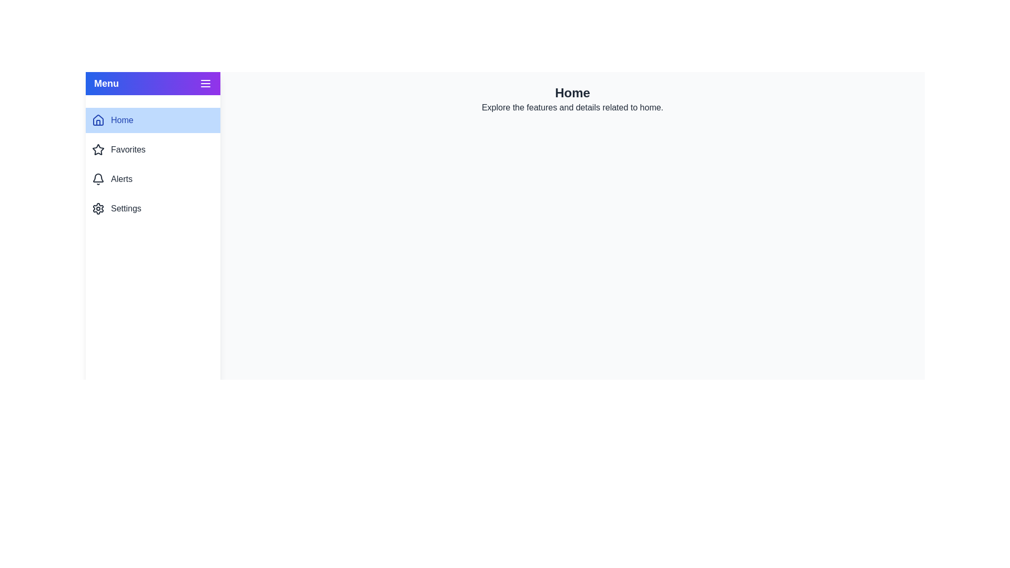  What do you see at coordinates (572, 107) in the screenshot?
I see `descriptive subtitle text located directly beneath the 'Home' heading in the central content area` at bounding box center [572, 107].